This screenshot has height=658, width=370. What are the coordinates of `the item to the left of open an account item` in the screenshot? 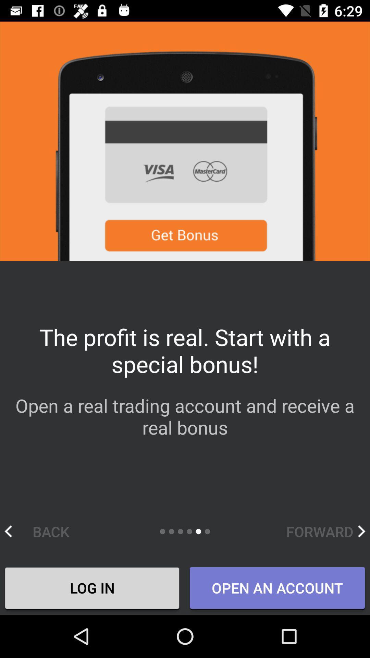 It's located at (92, 588).